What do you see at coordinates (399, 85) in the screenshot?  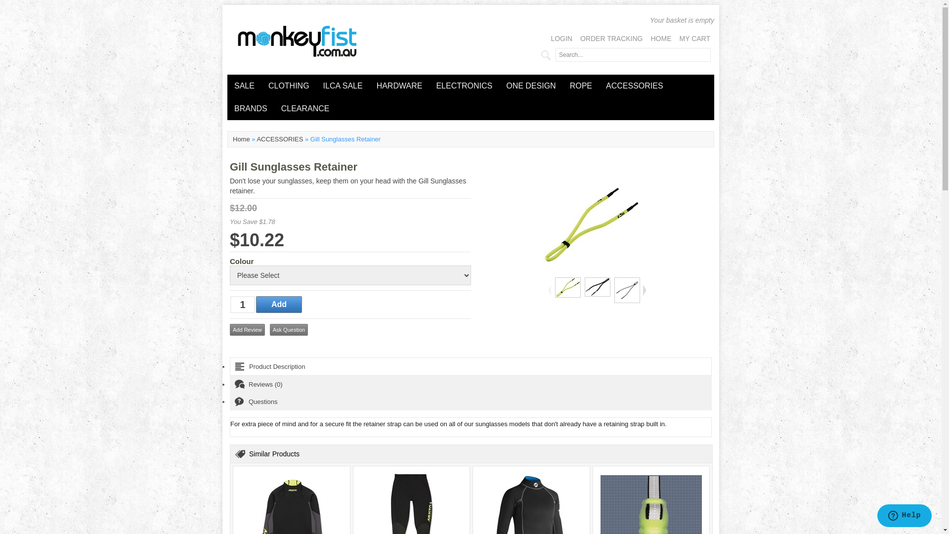 I see `'HARDWARE'` at bounding box center [399, 85].